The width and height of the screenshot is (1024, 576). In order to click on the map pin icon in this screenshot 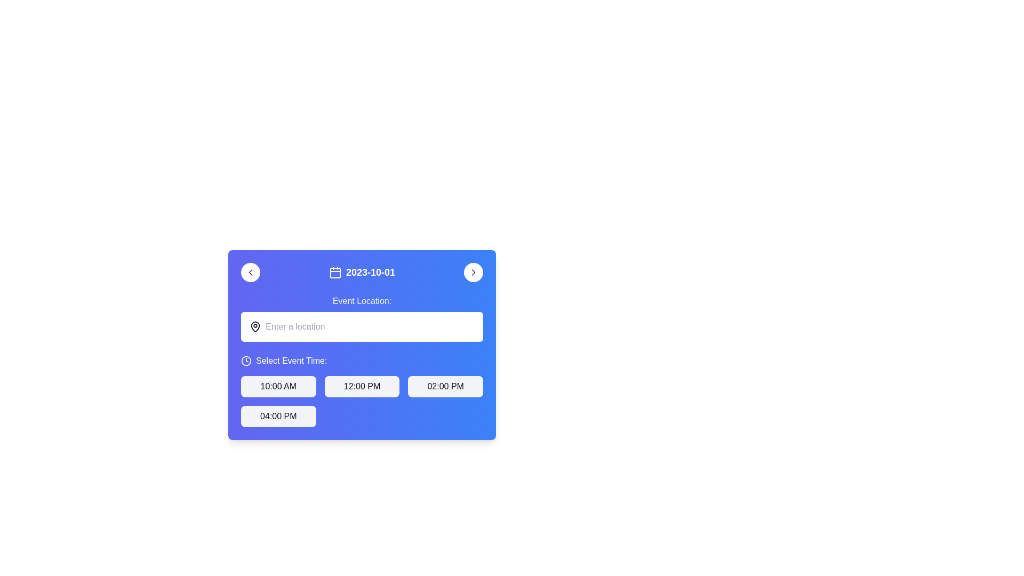, I will do `click(255, 326)`.